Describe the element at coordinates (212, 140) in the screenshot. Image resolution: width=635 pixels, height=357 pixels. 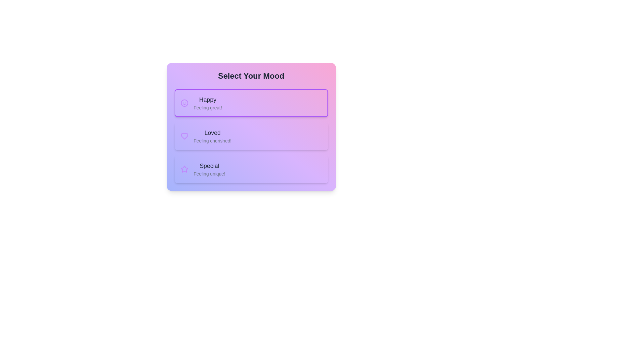
I see `the Text Label displaying 'Feeling cherished!' located below the 'Loved' heading in the bordered box with a purple gradient background` at that location.